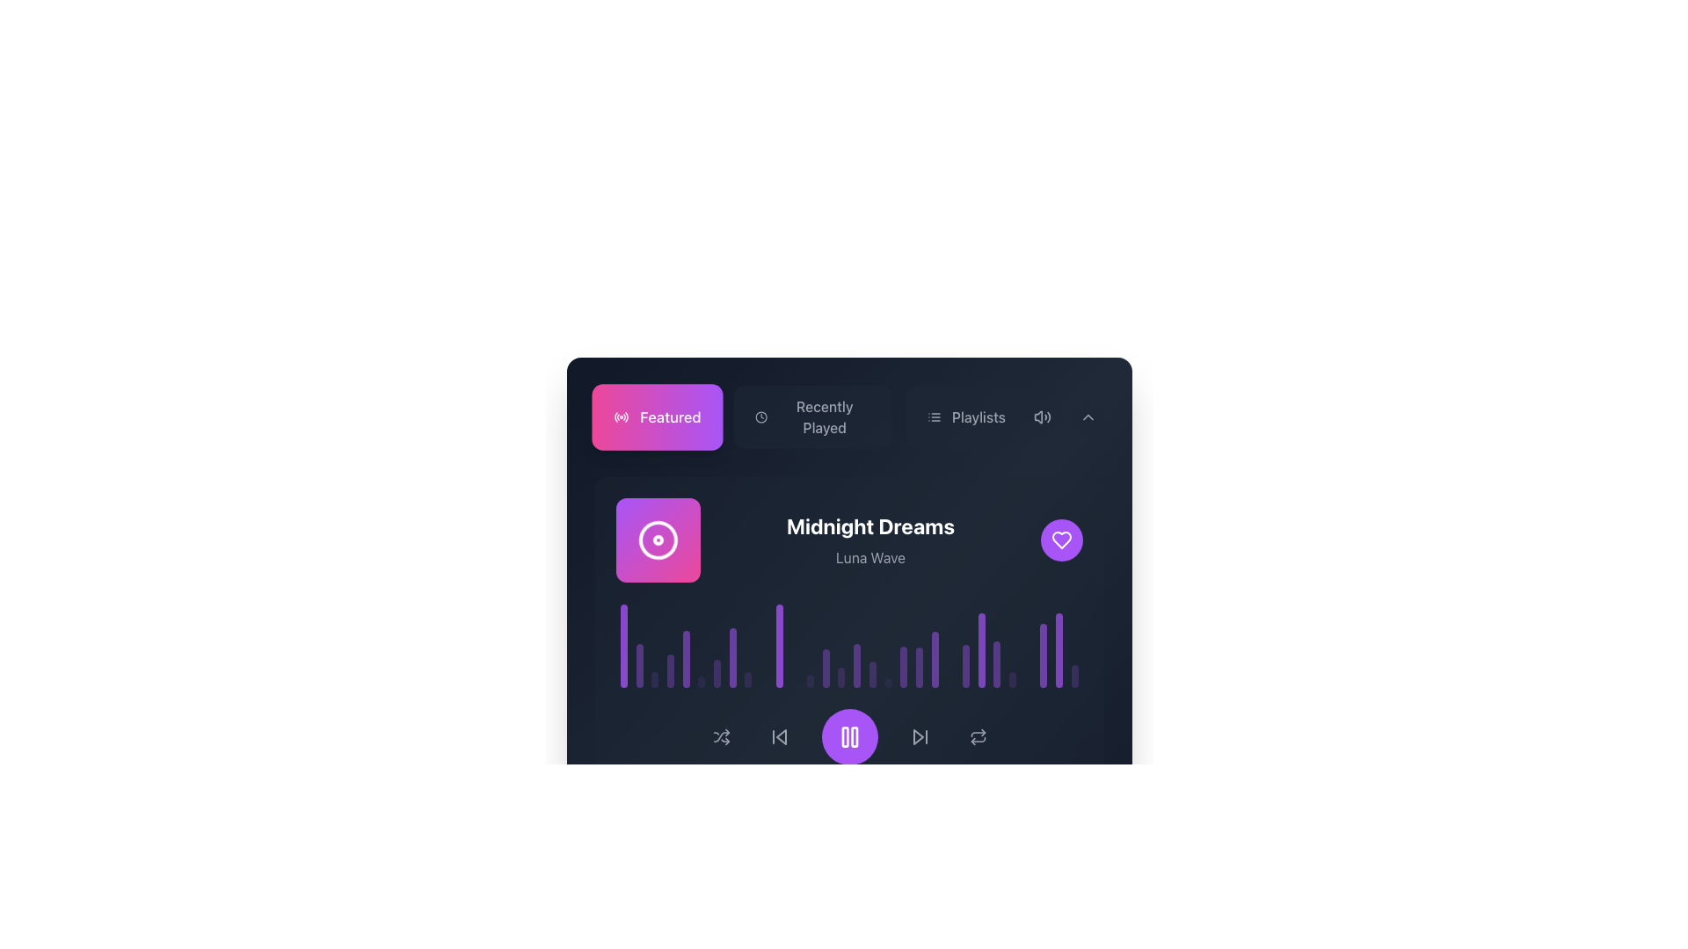  What do you see at coordinates (872, 673) in the screenshot?
I see `the seventeenth decorative visual equalizer bar displayed in a purple-transparent hue, located below the title 'Midnight Dreams'` at bounding box center [872, 673].